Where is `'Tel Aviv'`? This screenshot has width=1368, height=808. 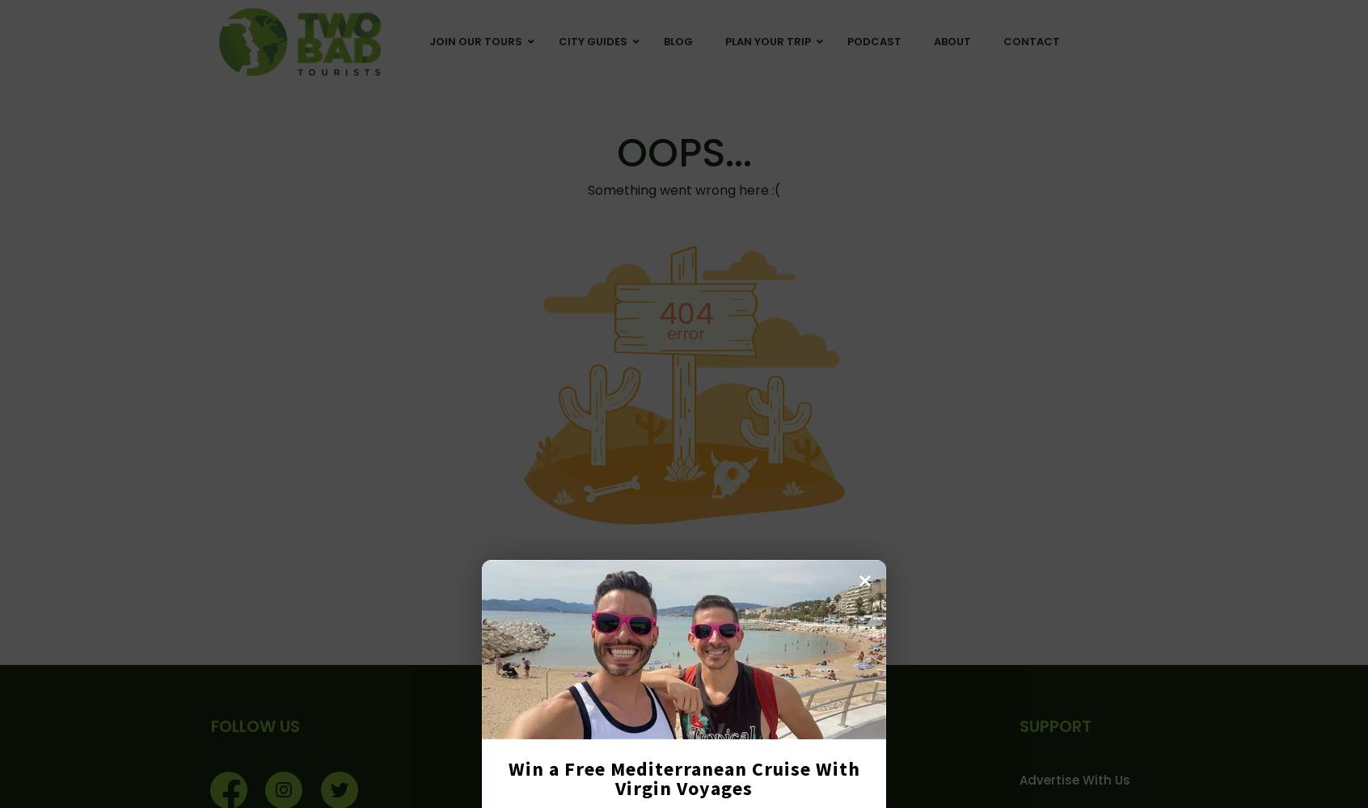 'Tel Aviv' is located at coordinates (862, 124).